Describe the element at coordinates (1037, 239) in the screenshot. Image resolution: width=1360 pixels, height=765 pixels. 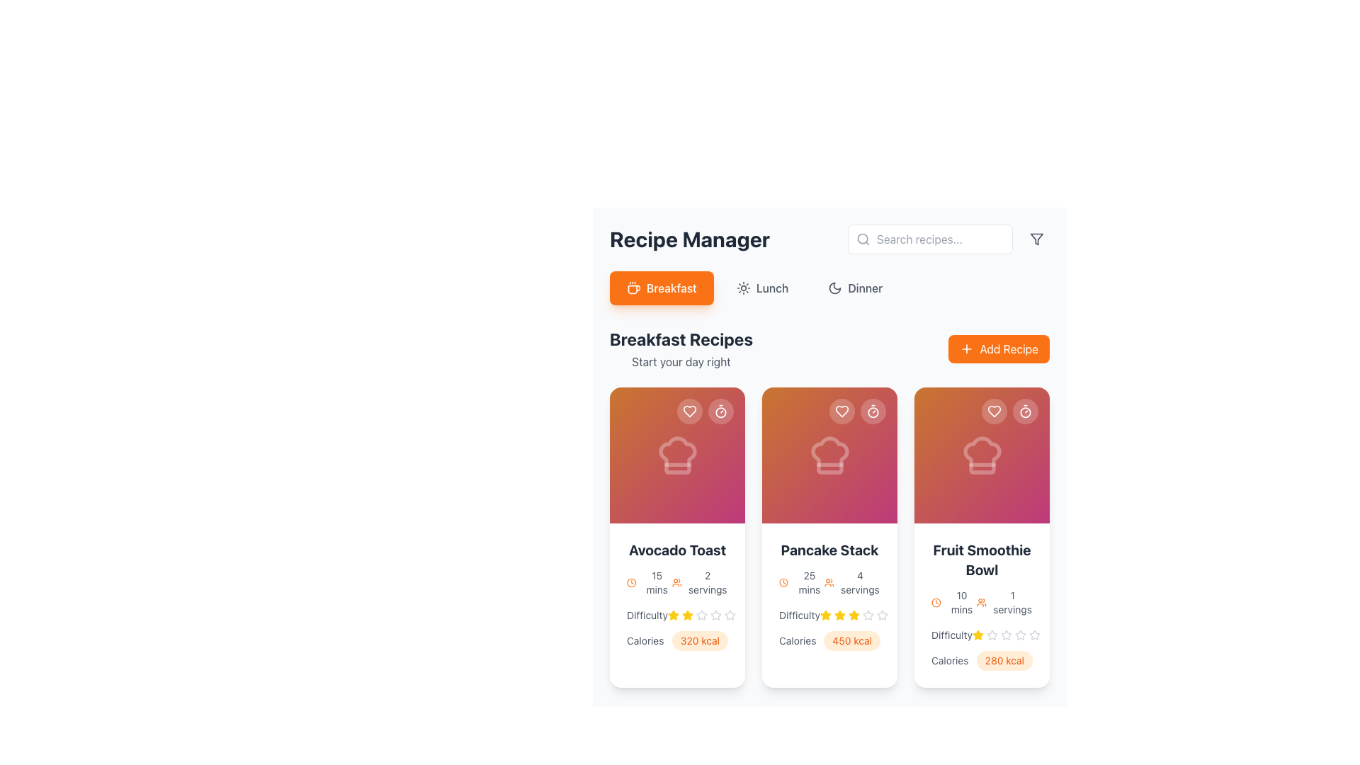
I see `the funnel-shaped filter icon located in the top-right corner of the layout, next to the search field` at that location.